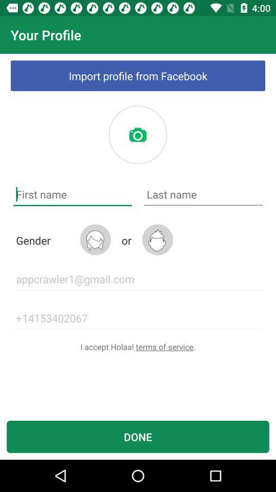 Image resolution: width=276 pixels, height=492 pixels. I want to click on the i accept holaa item, so click(138, 346).